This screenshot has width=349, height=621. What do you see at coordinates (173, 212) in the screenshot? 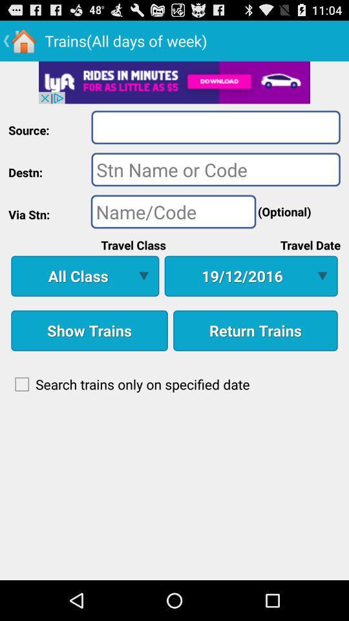
I see `station code` at bounding box center [173, 212].